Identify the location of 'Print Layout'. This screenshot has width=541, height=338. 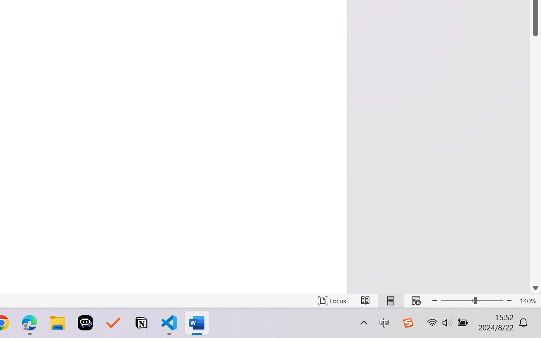
(390, 300).